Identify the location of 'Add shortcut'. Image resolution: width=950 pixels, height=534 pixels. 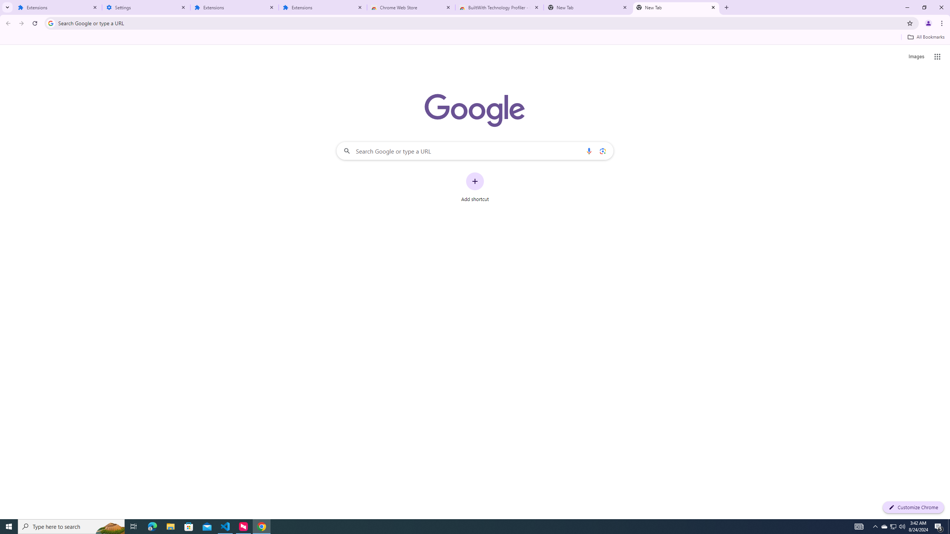
(475, 187).